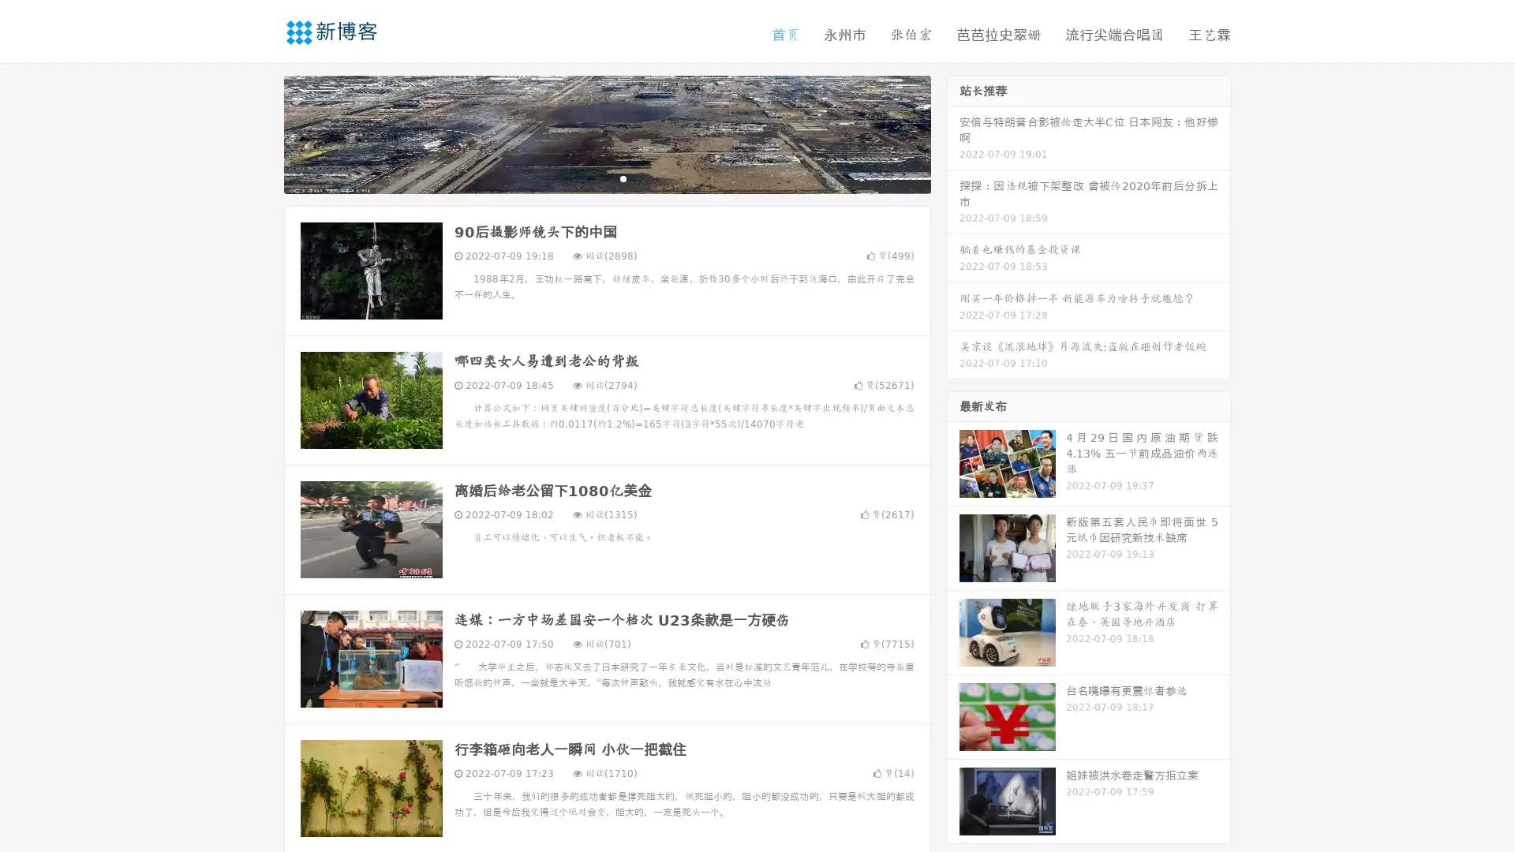  What do you see at coordinates (590, 177) in the screenshot?
I see `Go to slide 1` at bounding box center [590, 177].